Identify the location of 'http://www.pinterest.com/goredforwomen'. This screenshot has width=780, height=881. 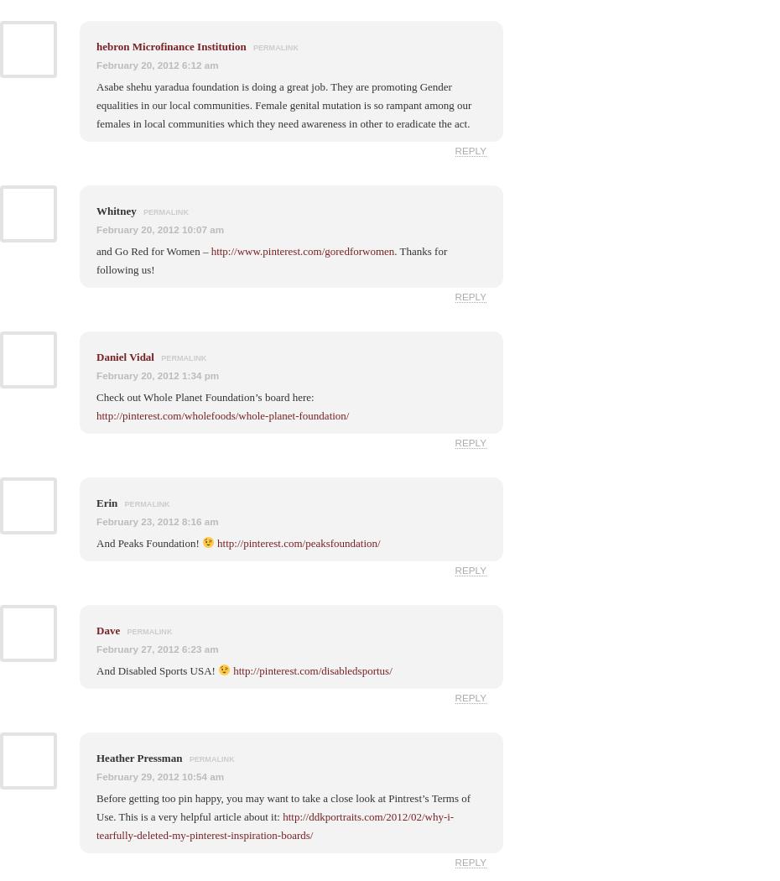
(301, 249).